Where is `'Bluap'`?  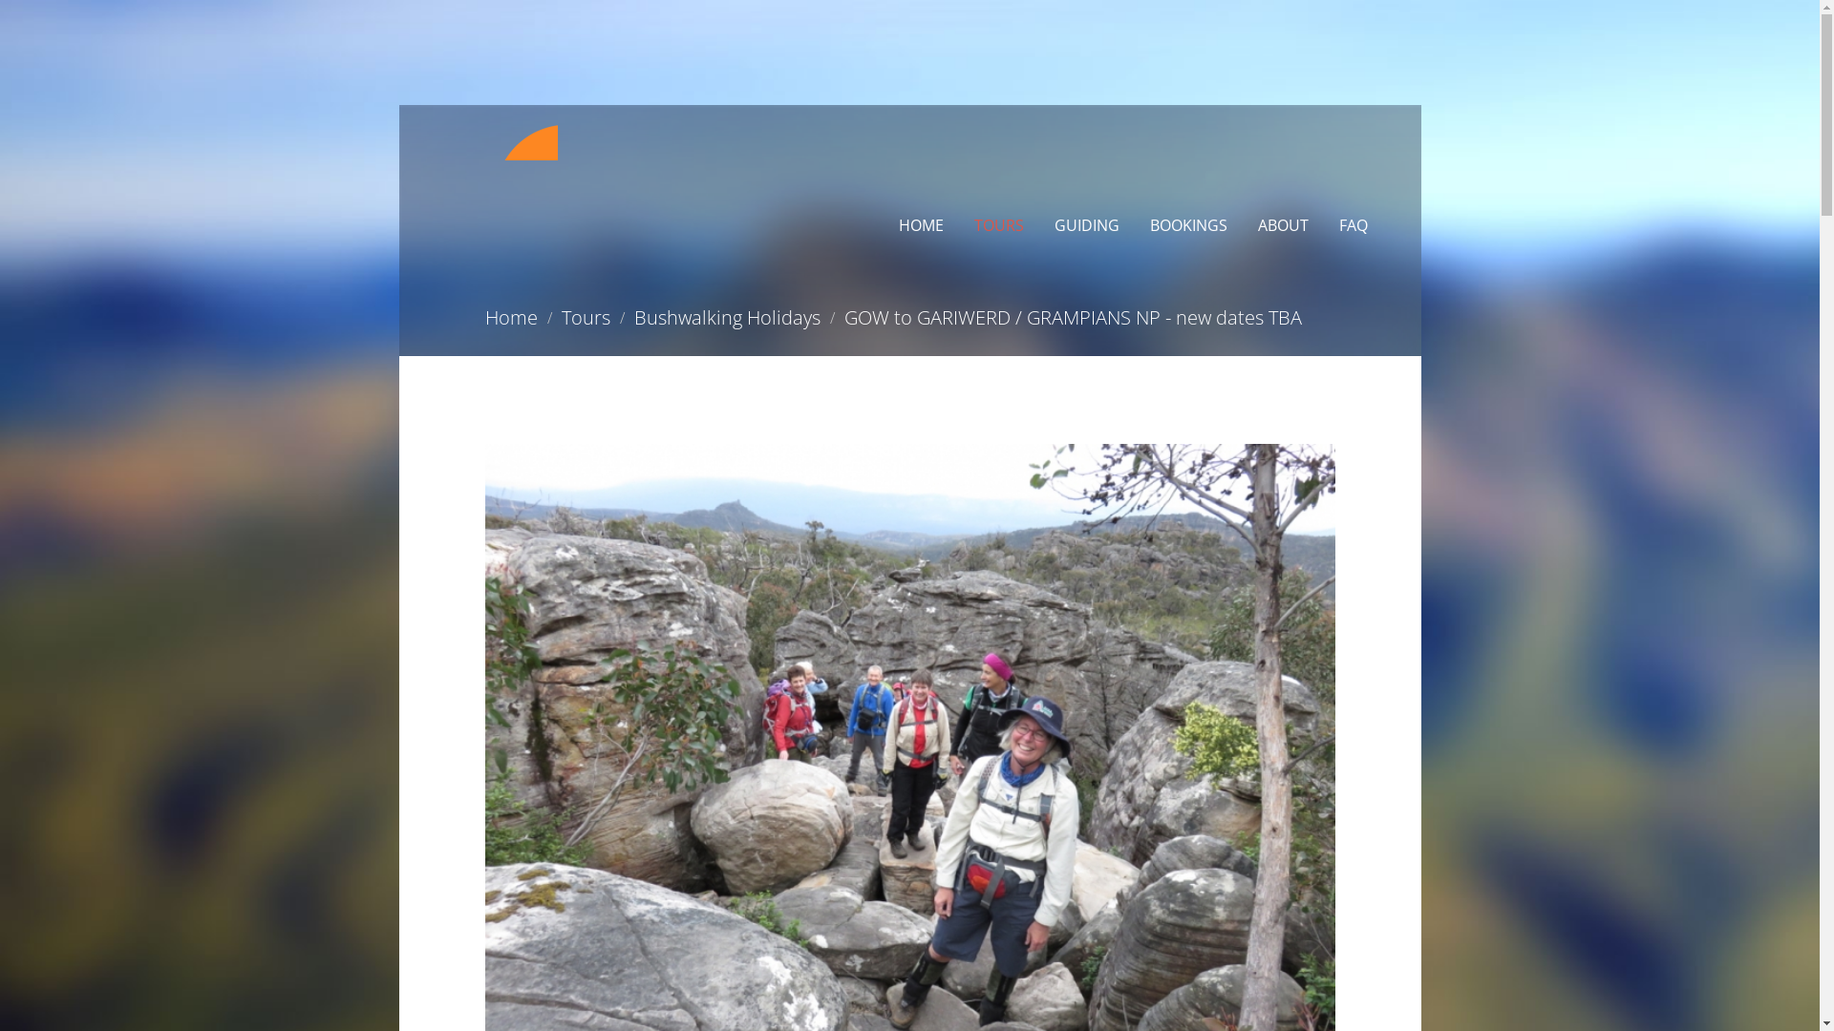
'Bluap' is located at coordinates (498, 141).